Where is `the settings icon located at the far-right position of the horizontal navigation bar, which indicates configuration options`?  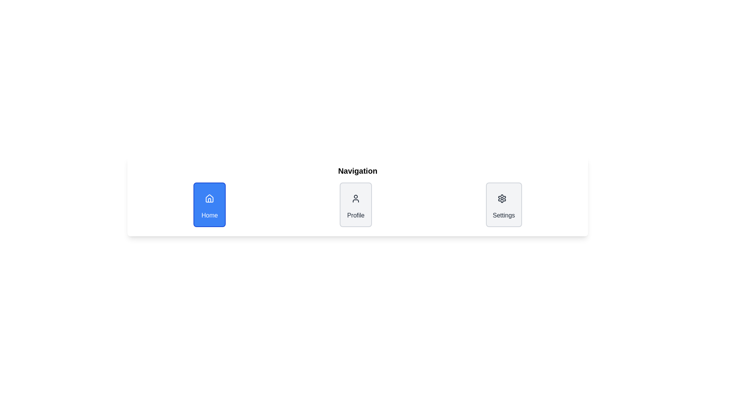
the settings icon located at the far-right position of the horizontal navigation bar, which indicates configuration options is located at coordinates (502, 198).